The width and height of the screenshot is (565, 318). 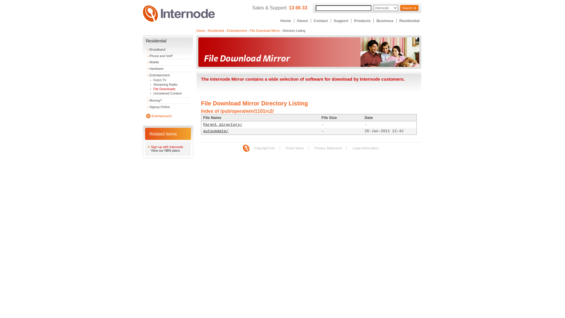 I want to click on 'About', so click(x=295, y=20).